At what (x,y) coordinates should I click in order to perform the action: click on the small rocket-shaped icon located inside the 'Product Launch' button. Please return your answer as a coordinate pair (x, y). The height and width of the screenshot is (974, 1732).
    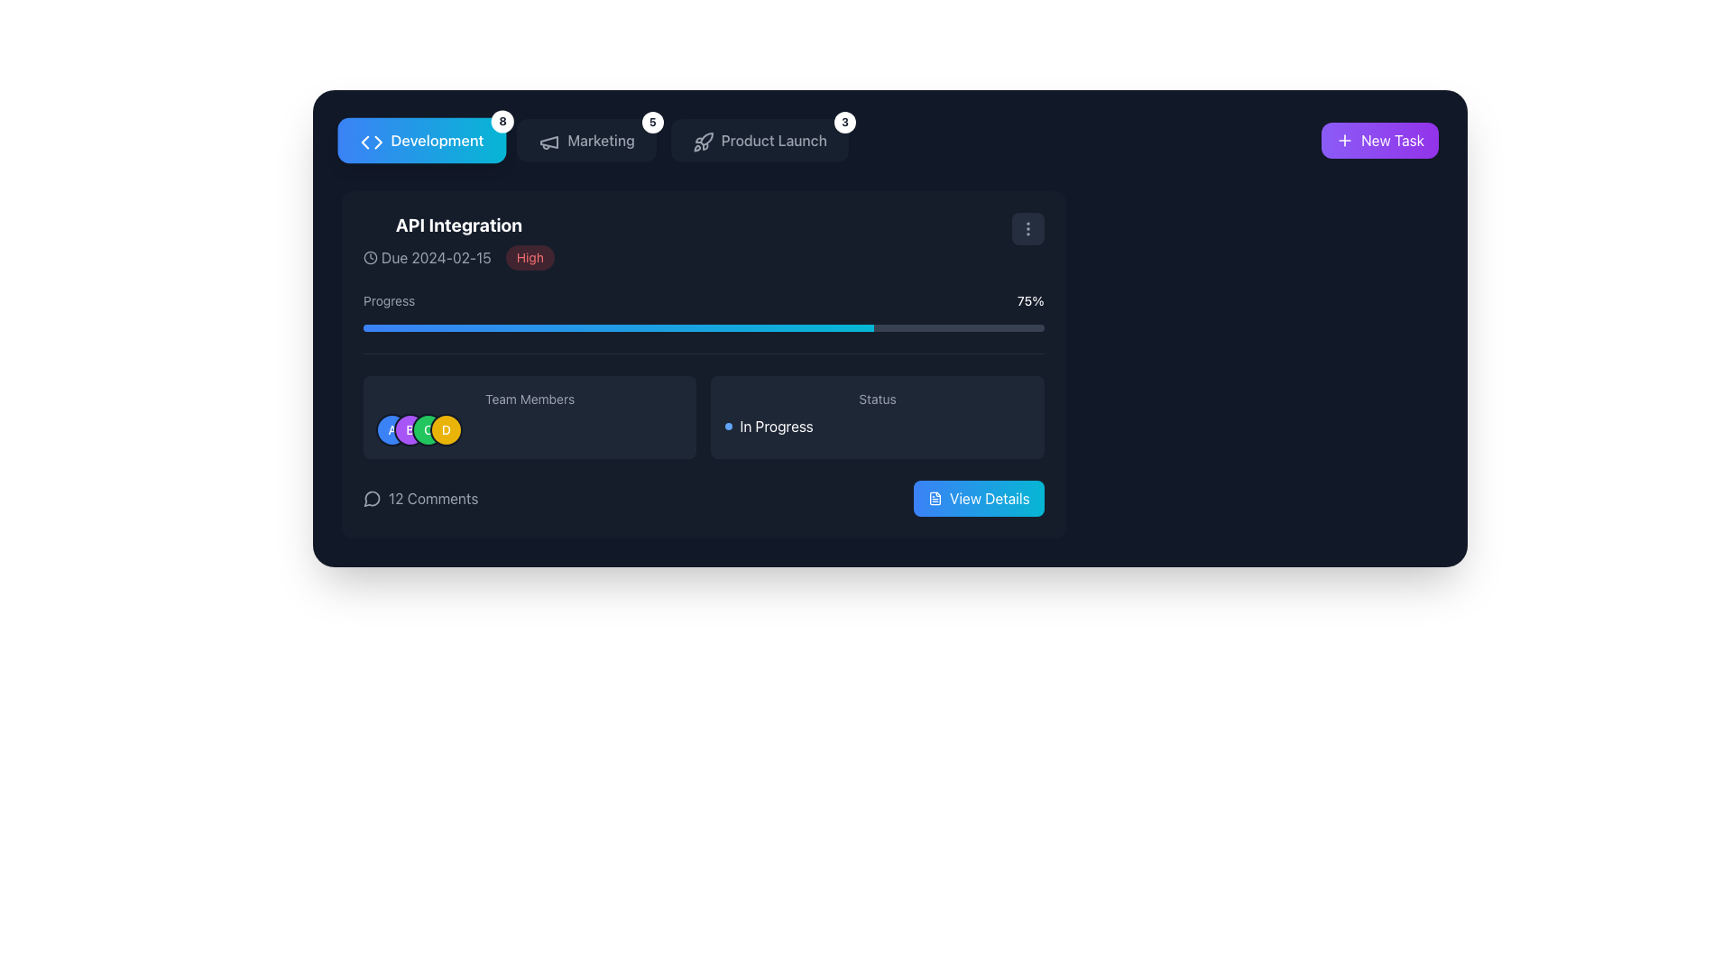
    Looking at the image, I should click on (700, 139).